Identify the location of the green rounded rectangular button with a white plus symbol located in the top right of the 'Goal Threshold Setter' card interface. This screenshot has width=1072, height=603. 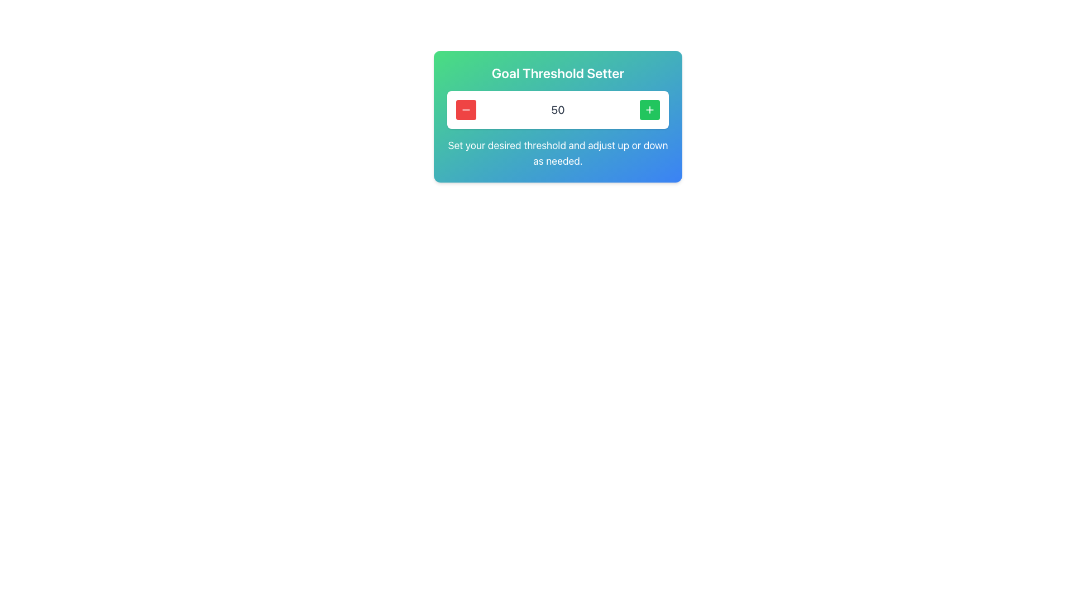
(649, 109).